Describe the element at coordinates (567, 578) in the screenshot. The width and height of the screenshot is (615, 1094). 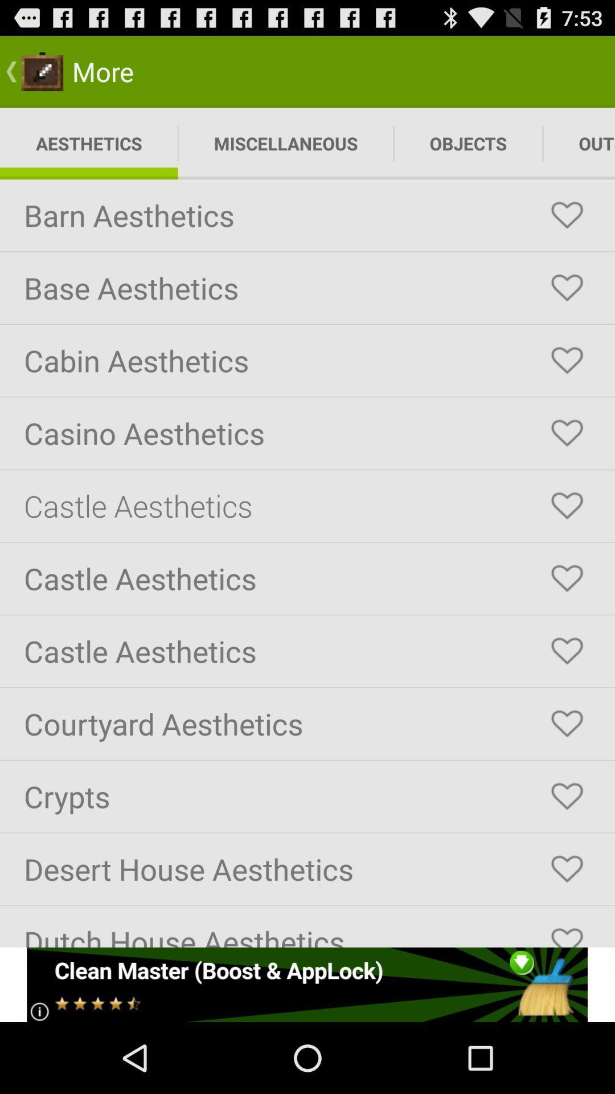
I see `castle aesthetics` at that location.